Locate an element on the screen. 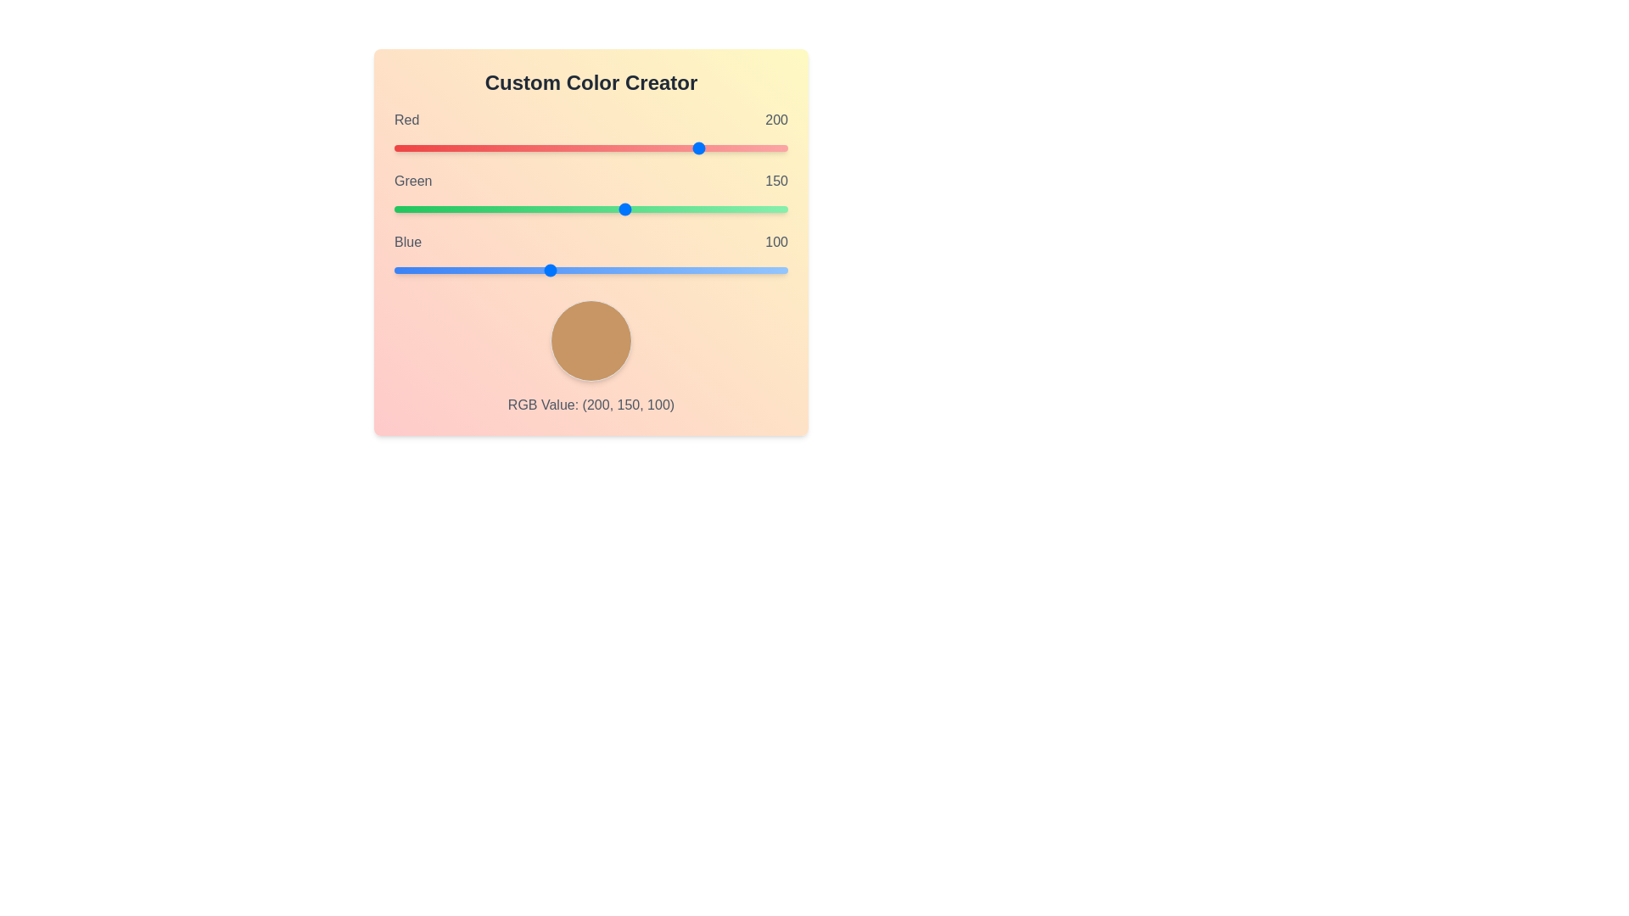 This screenshot has height=916, width=1629. the Green slider to set the green component to 53 is located at coordinates (475, 208).